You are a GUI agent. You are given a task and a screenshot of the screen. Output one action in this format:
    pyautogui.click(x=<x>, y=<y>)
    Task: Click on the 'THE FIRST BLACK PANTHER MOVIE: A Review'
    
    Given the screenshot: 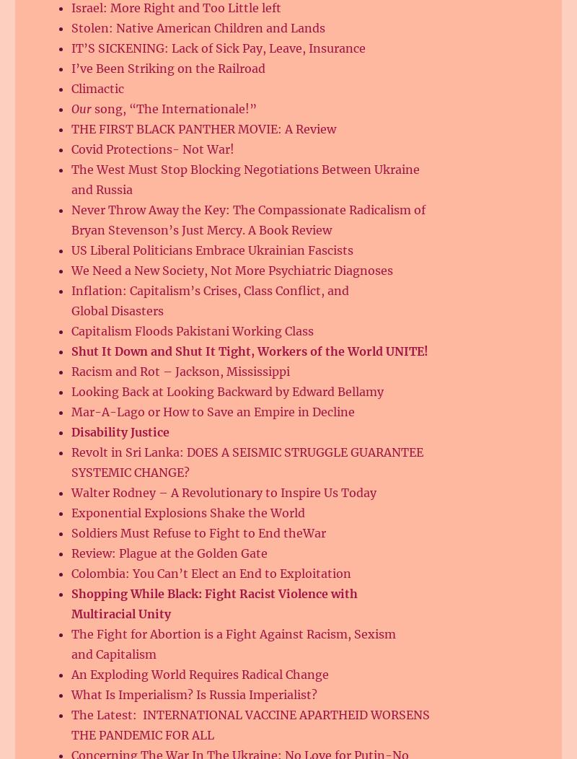 What is the action you would take?
    pyautogui.click(x=203, y=129)
    